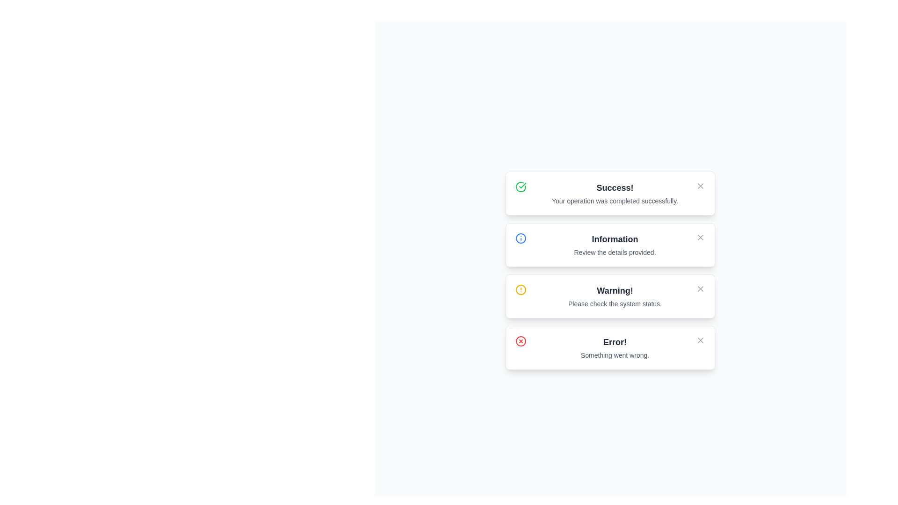 Image resolution: width=898 pixels, height=505 pixels. Describe the element at coordinates (520, 341) in the screenshot. I see `the red circular icon with a cross symbol inside, located at the bottom-right corner of the 'Error!' card` at that location.